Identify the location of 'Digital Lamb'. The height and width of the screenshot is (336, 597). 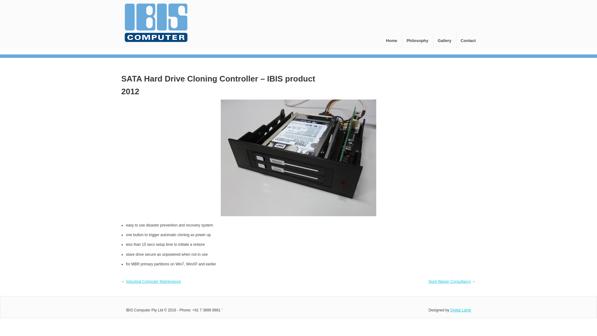
(460, 310).